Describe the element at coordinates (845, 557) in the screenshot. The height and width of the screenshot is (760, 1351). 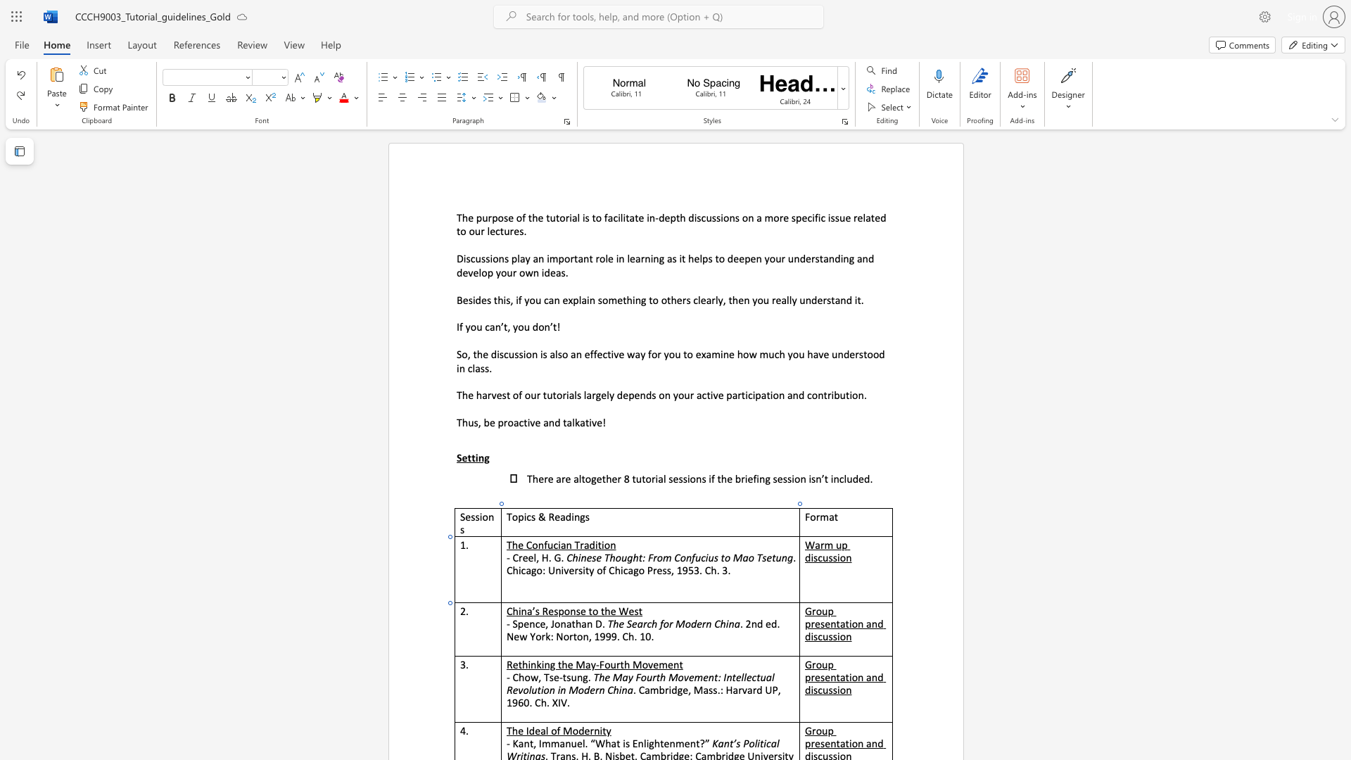
I see `the space between the continuous character "o" and "n" in the text` at that location.